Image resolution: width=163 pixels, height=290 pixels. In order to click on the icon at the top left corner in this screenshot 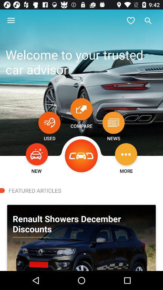, I will do `click(11, 21)`.